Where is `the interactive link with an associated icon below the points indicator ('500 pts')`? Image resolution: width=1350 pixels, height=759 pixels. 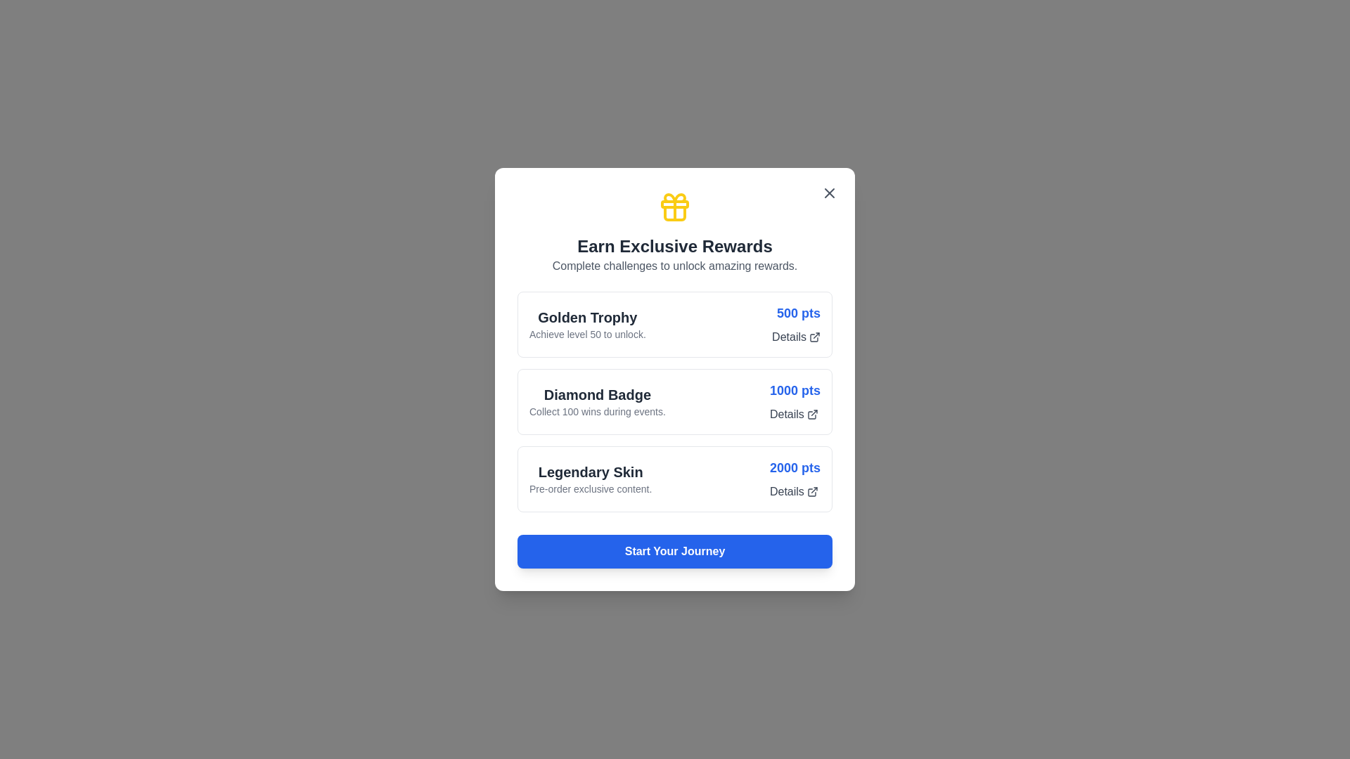
the interactive link with an associated icon below the points indicator ('500 pts') is located at coordinates (796, 337).